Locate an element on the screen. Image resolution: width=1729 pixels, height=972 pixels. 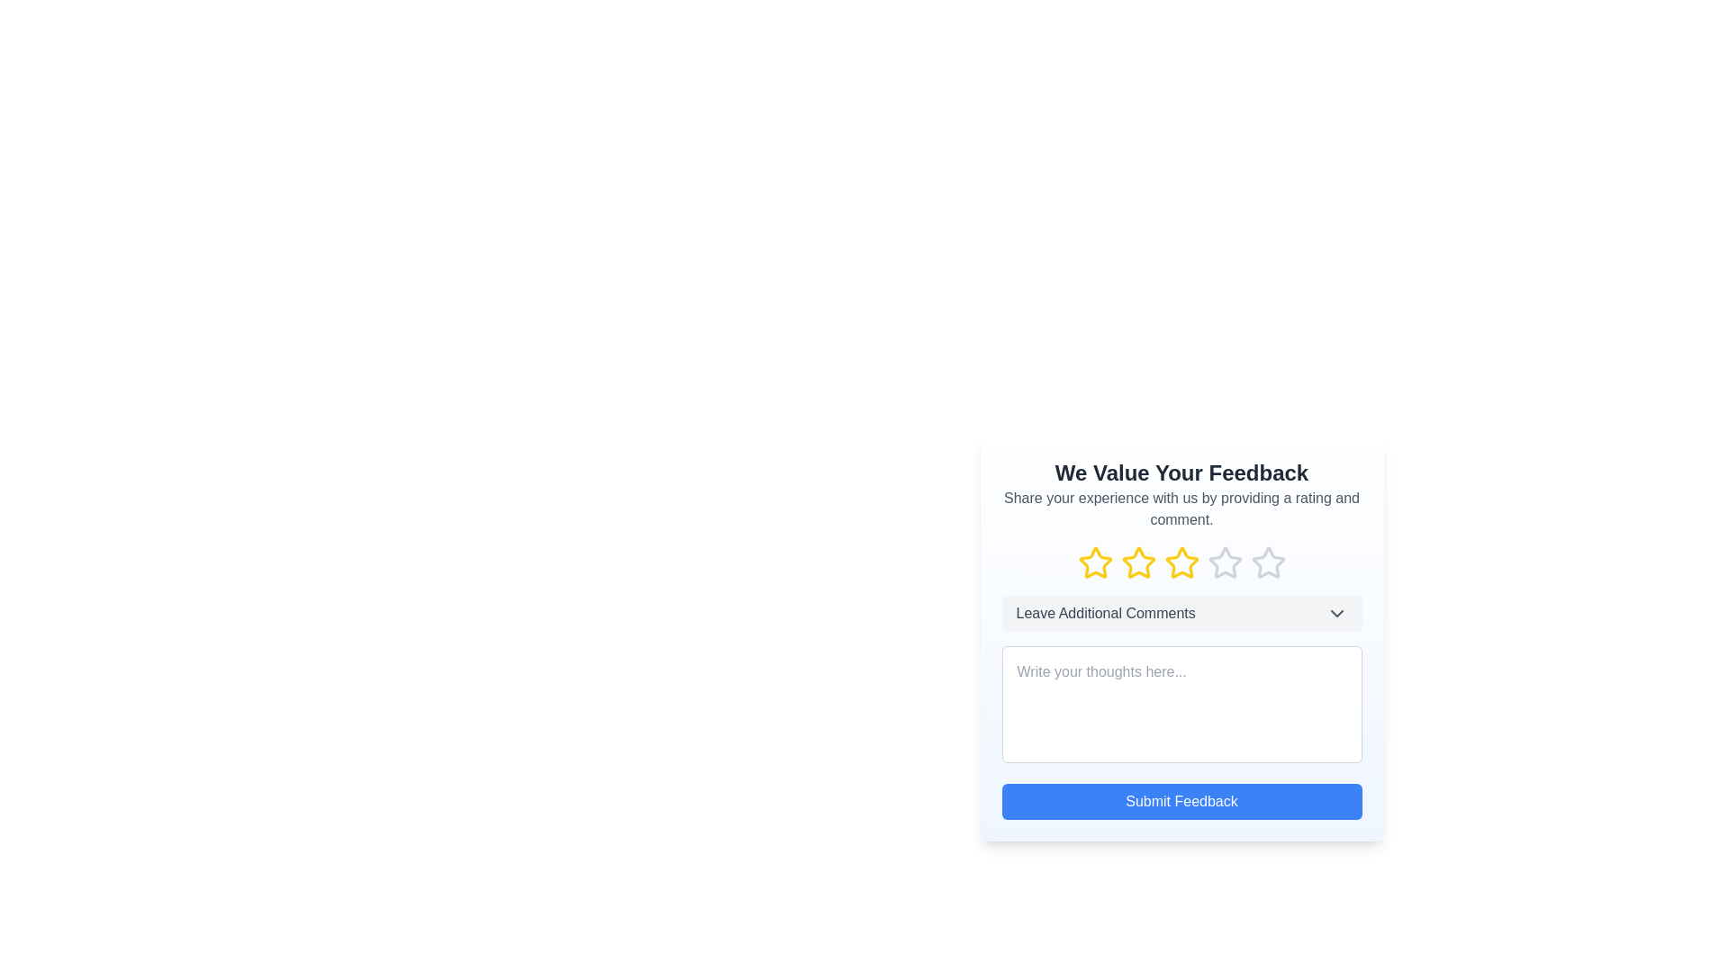
the third star in the interactive rating component, which is styled with a yellow outline and a transparent fill is located at coordinates (1181, 562).